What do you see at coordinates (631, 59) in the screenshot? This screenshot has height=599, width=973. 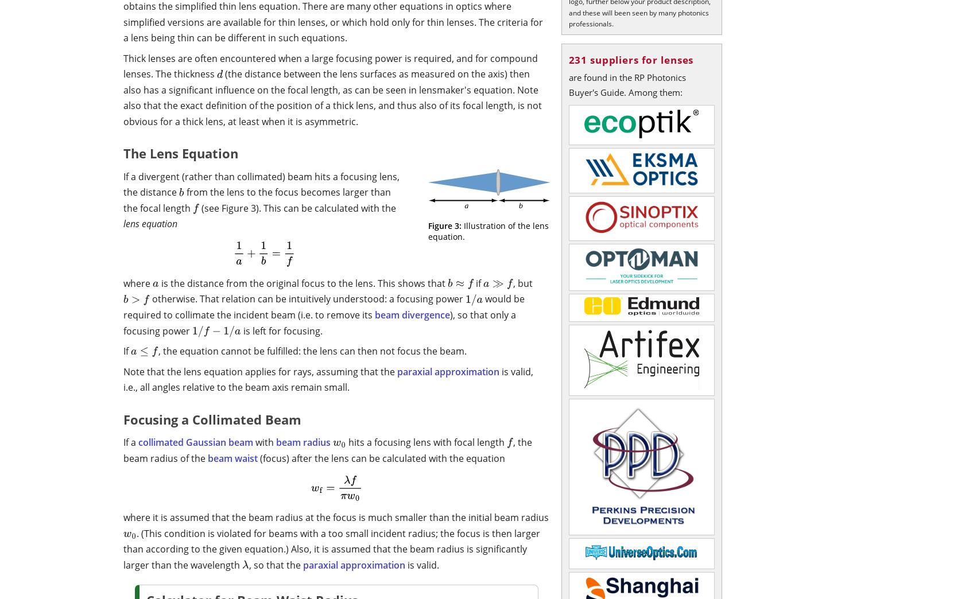 I see `'231 suppliers for lenses'` at bounding box center [631, 59].